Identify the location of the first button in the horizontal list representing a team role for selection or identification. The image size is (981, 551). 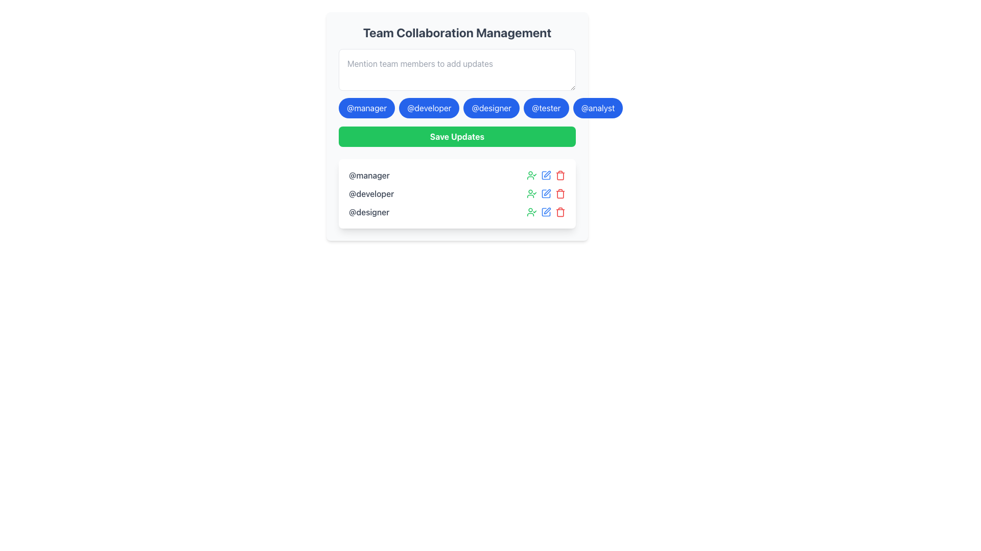
(367, 108).